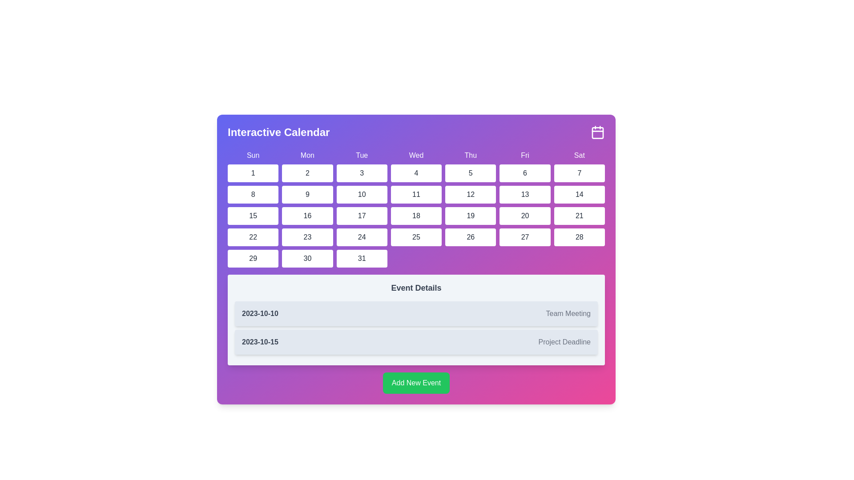 The image size is (854, 480). What do you see at coordinates (307, 194) in the screenshot?
I see `the selectable date button located in the third row and second column of the calendar grid` at bounding box center [307, 194].